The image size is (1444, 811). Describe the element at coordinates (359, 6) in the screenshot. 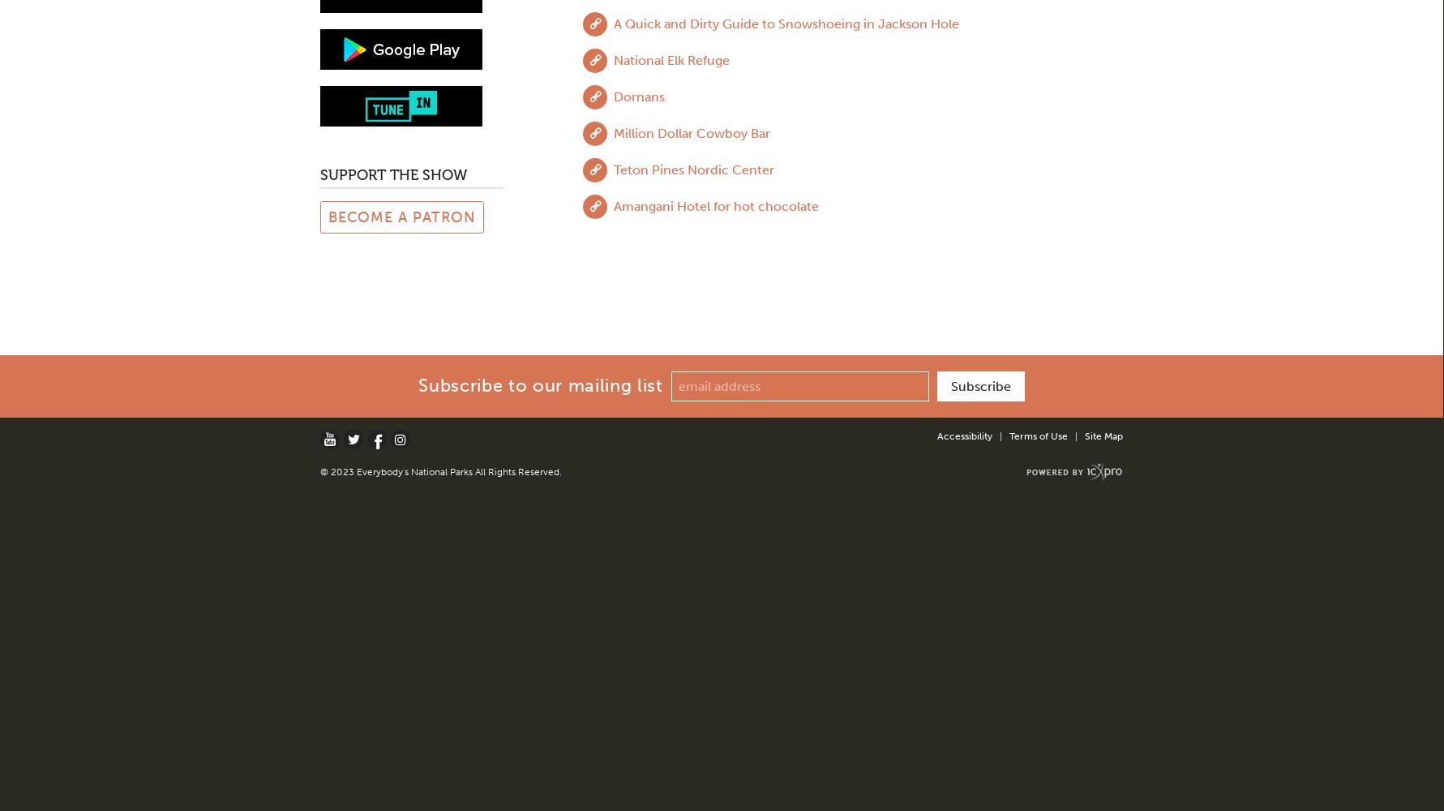

I see `'February 2019'` at that location.